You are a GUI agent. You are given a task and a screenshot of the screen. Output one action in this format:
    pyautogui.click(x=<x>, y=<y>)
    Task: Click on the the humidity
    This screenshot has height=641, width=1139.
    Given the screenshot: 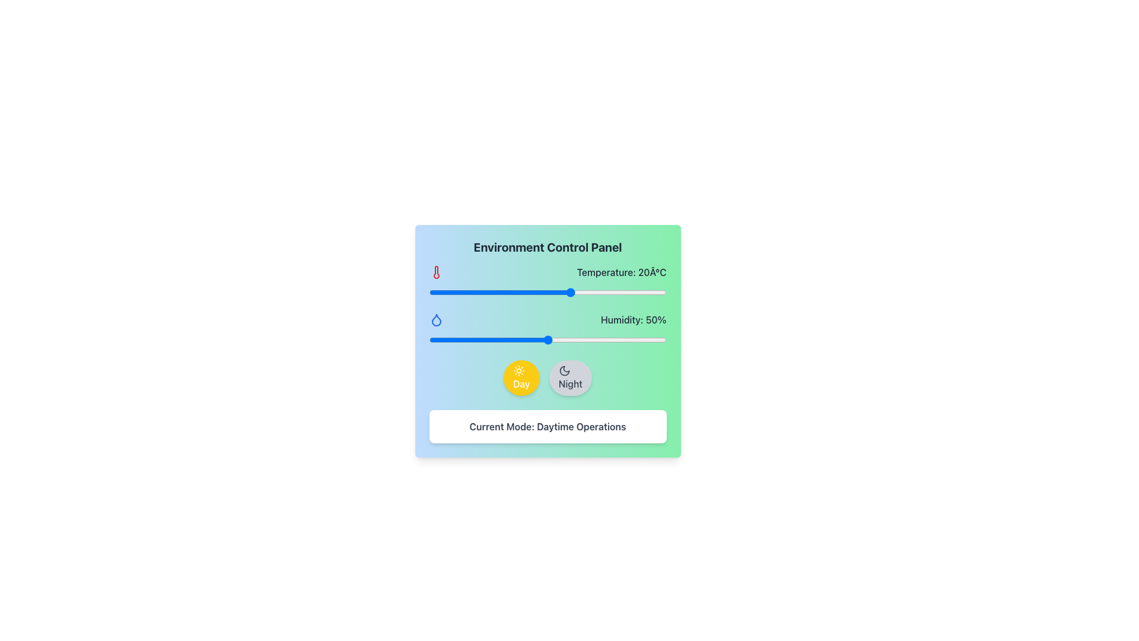 What is the action you would take?
    pyautogui.click(x=521, y=340)
    